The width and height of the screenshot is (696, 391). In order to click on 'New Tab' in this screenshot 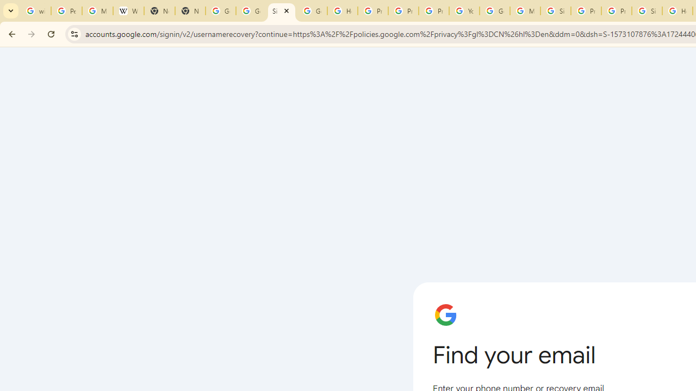, I will do `click(159, 11)`.